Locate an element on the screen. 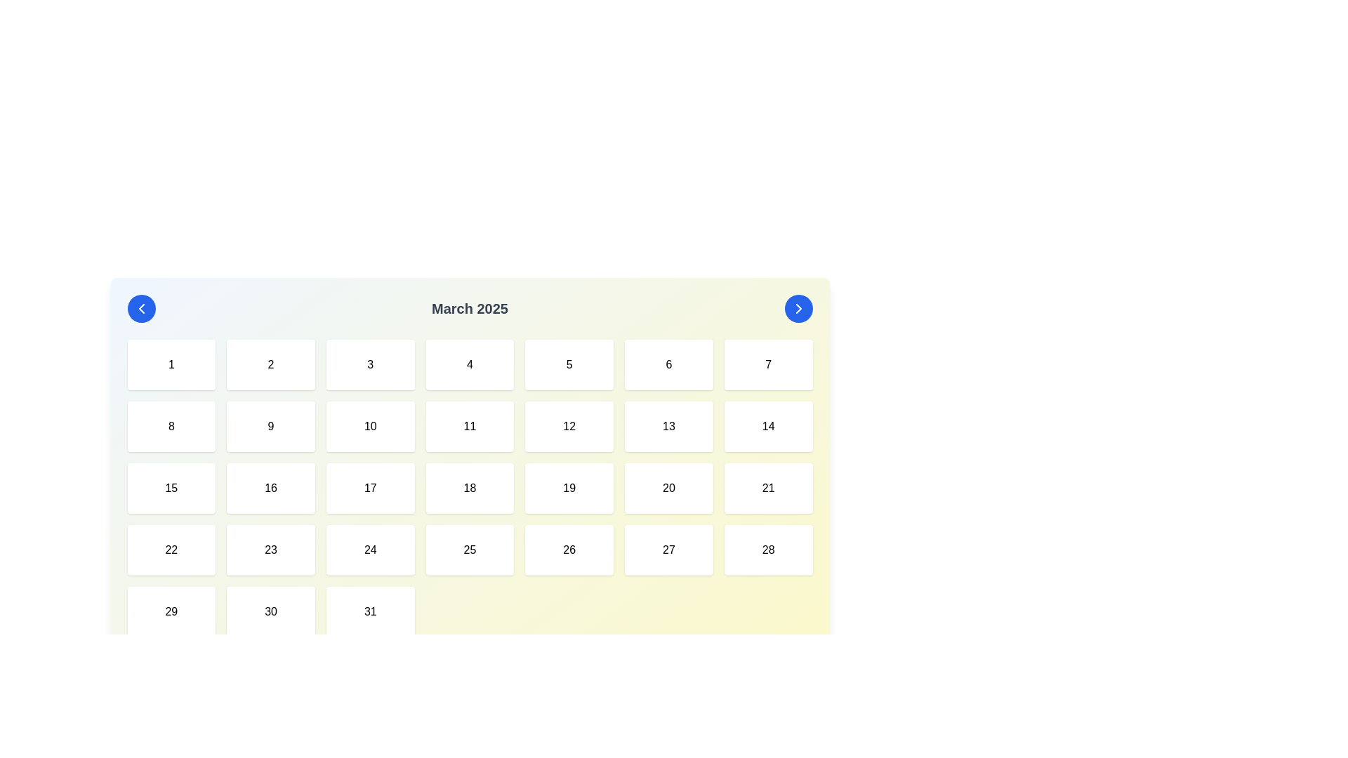  the chevron SVG icon located in the top-left corner of the calendar interface is located at coordinates (141, 307).